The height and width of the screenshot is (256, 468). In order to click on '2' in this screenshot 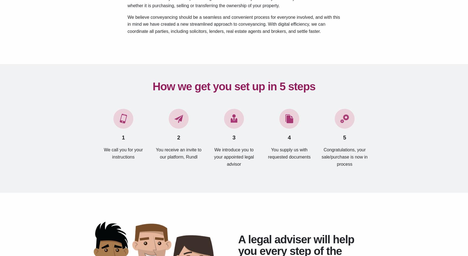, I will do `click(178, 137)`.